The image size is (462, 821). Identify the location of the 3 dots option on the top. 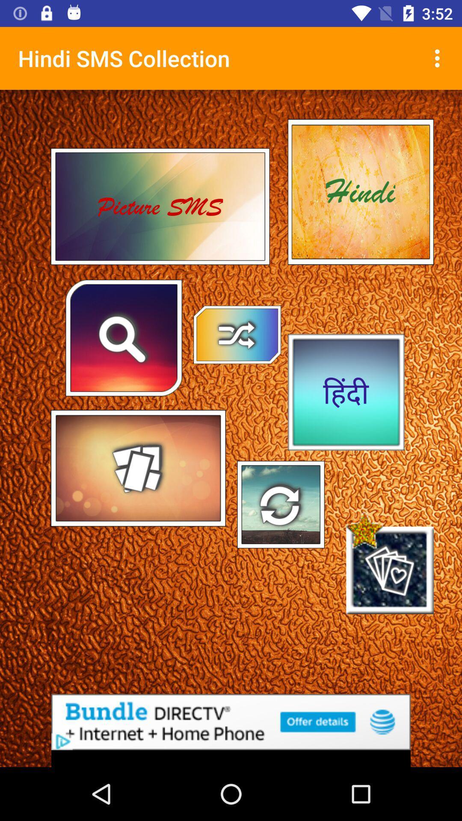
(439, 58).